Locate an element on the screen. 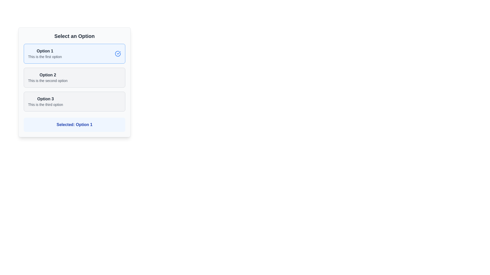 Image resolution: width=490 pixels, height=275 pixels. the details of the selectable option that is the second choice in the vertical list located below the header 'Select an Option' is located at coordinates (48, 77).